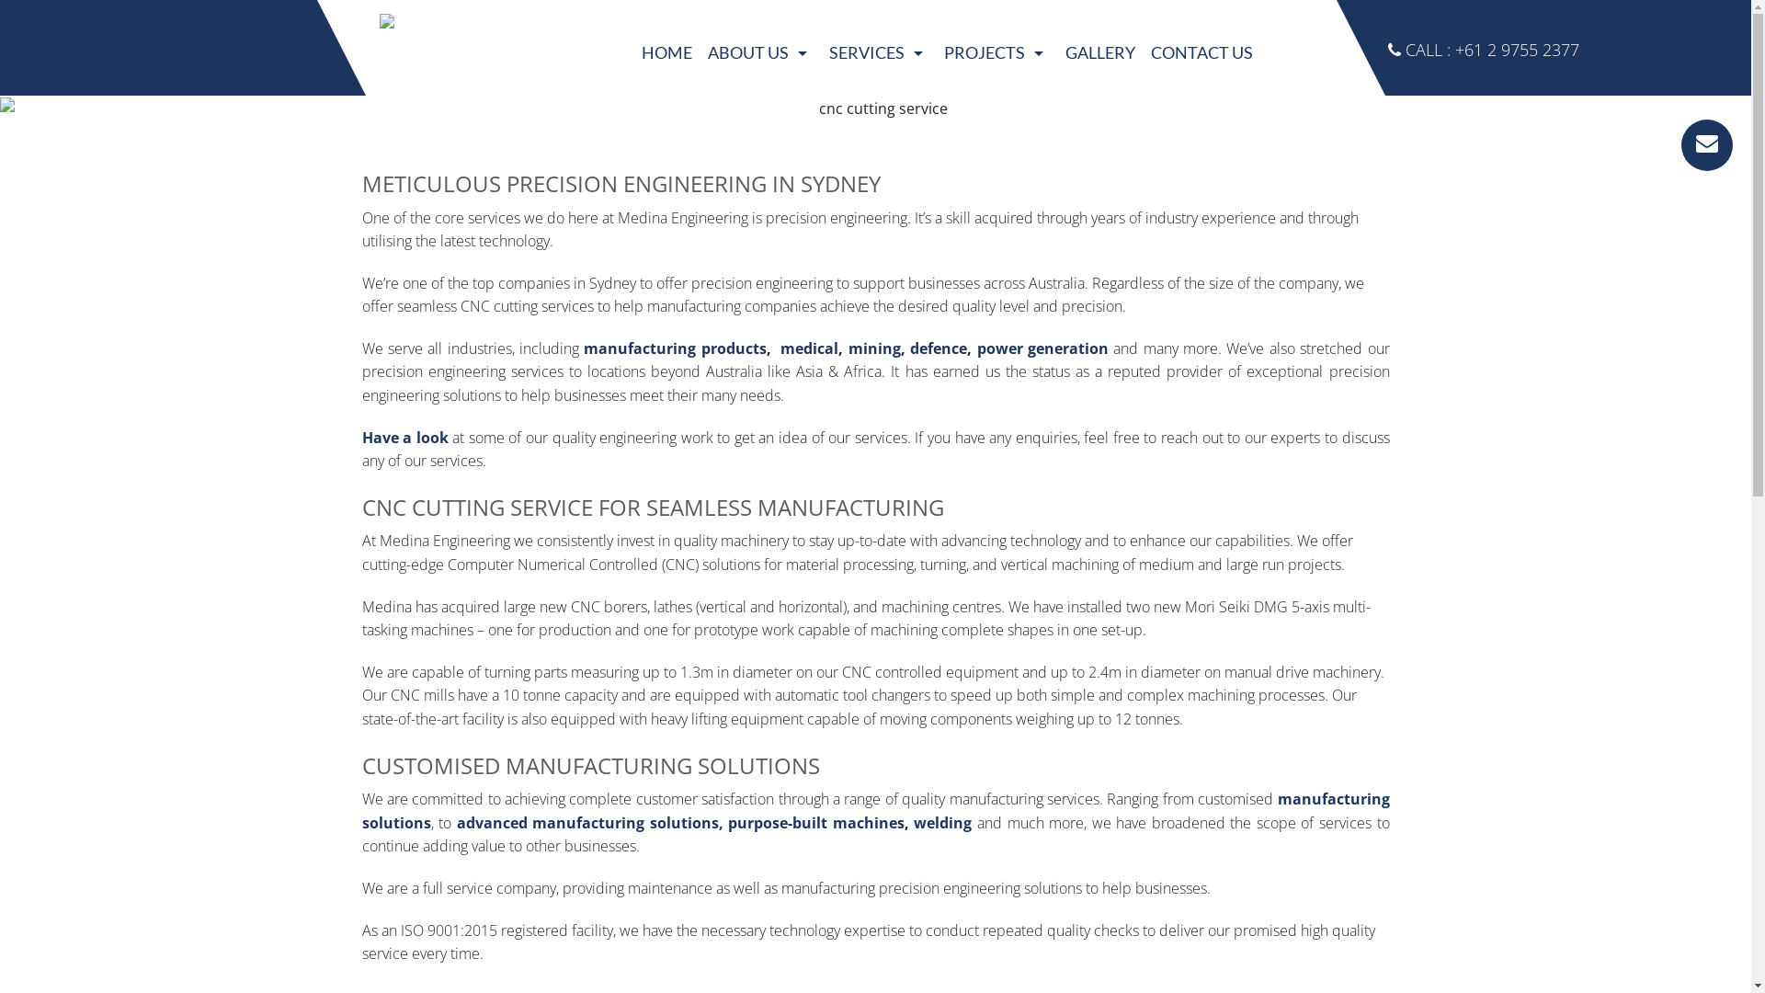 The width and height of the screenshot is (1765, 993). I want to click on 'CONTACT US', so click(1202, 51).